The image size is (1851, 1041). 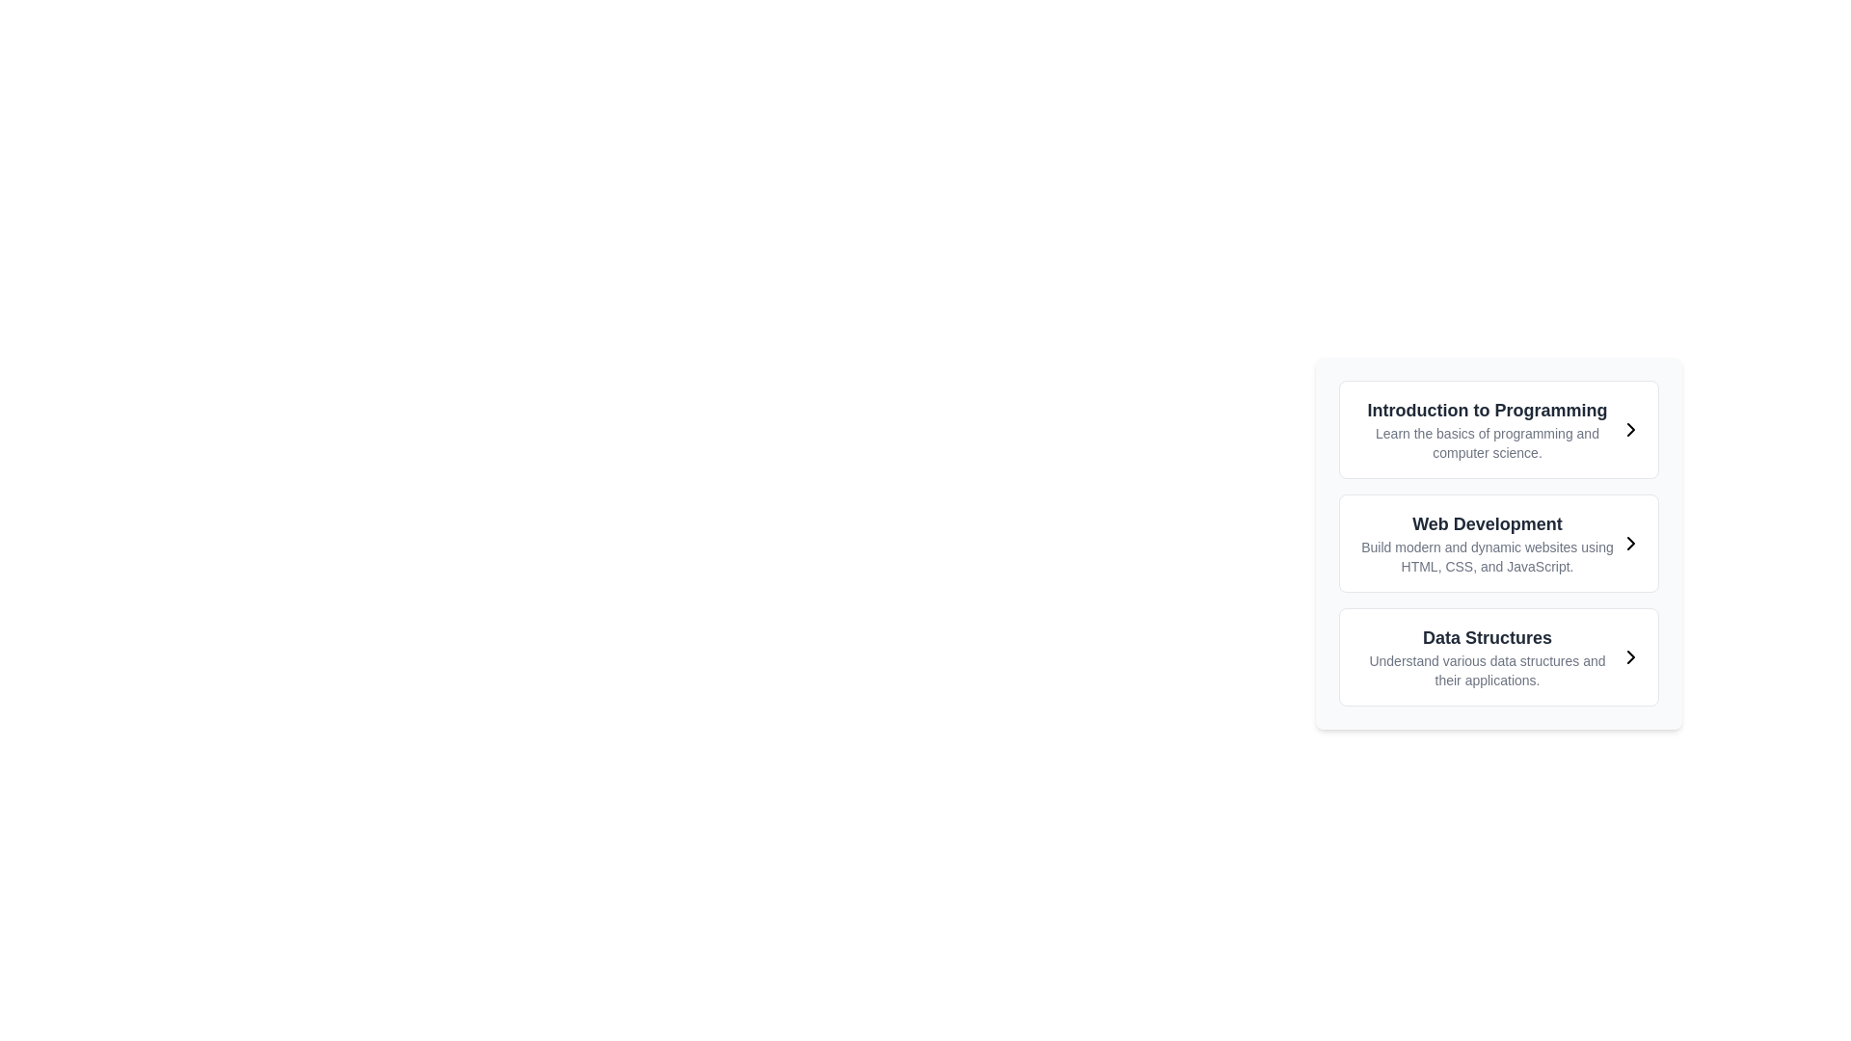 What do you see at coordinates (1629, 429) in the screenshot?
I see `the interactive icon located to the far right of the 'Introduction to Programming' card in the first card of a vertical list` at bounding box center [1629, 429].